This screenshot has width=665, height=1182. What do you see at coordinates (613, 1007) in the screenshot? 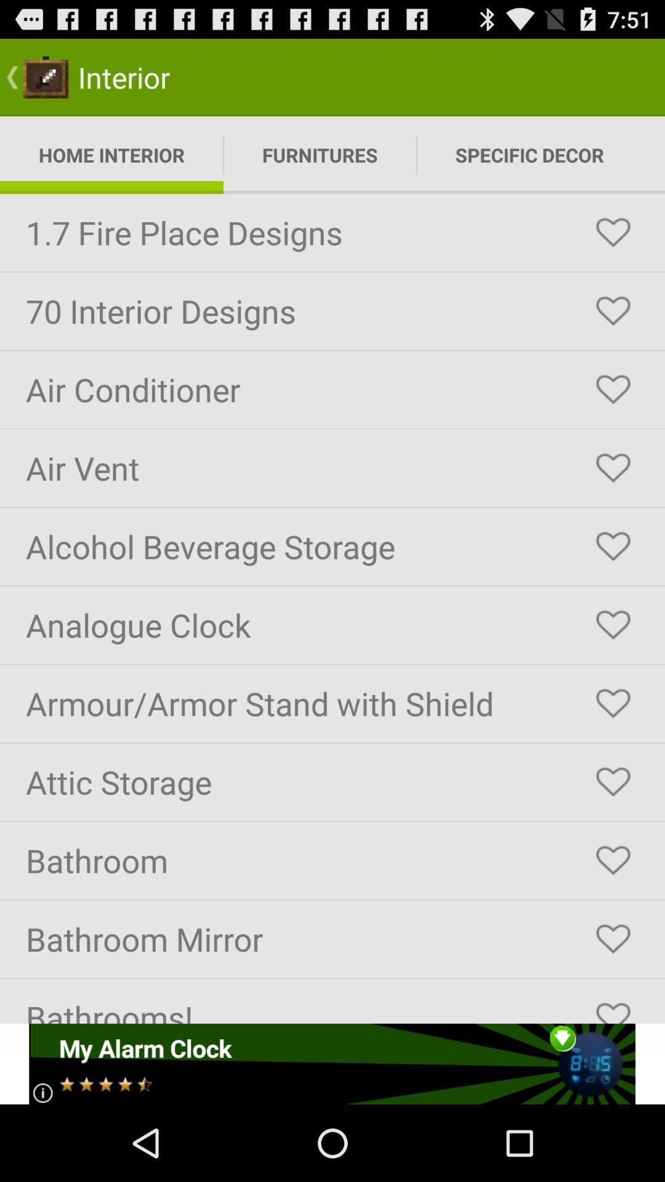
I see `this item` at bounding box center [613, 1007].